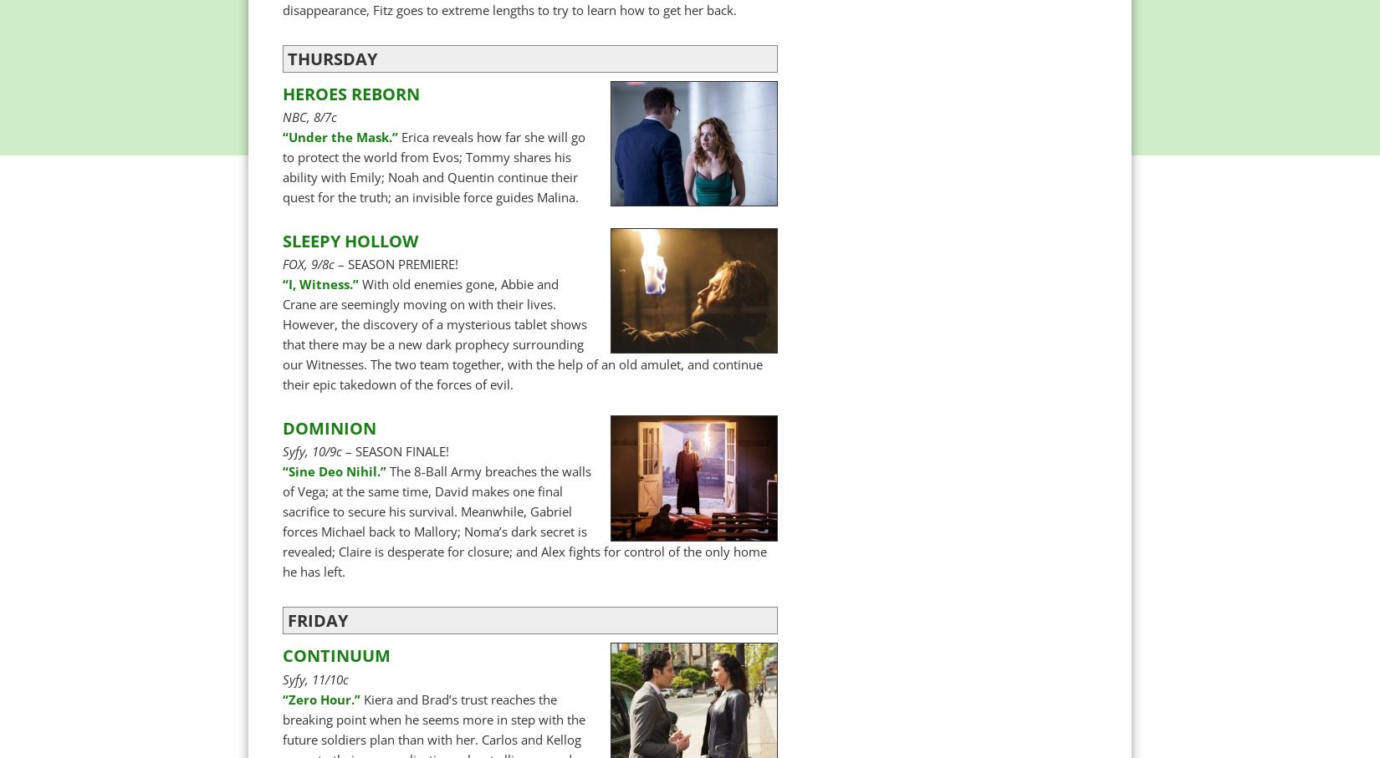 The width and height of the screenshot is (1380, 758). I want to click on '– SEASON PREMIERE!', so click(334, 263).